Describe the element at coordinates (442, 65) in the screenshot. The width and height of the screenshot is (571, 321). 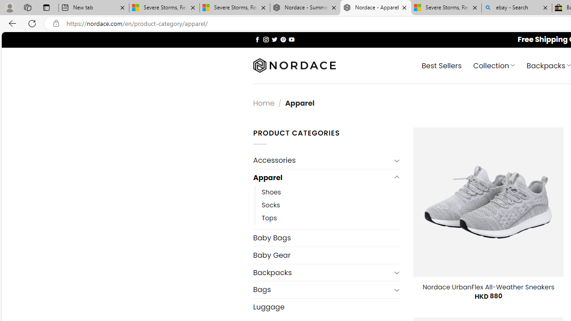
I see `'  Best Sellers'` at that location.